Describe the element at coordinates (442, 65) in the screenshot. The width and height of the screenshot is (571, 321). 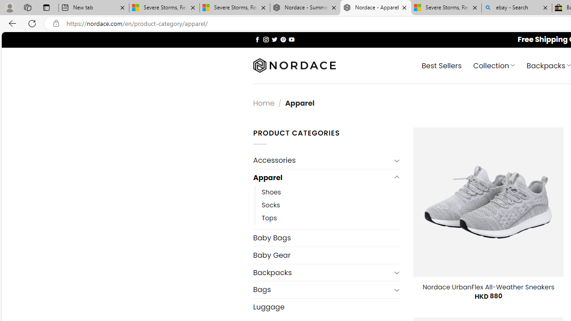
I see `'  Best Sellers'` at that location.